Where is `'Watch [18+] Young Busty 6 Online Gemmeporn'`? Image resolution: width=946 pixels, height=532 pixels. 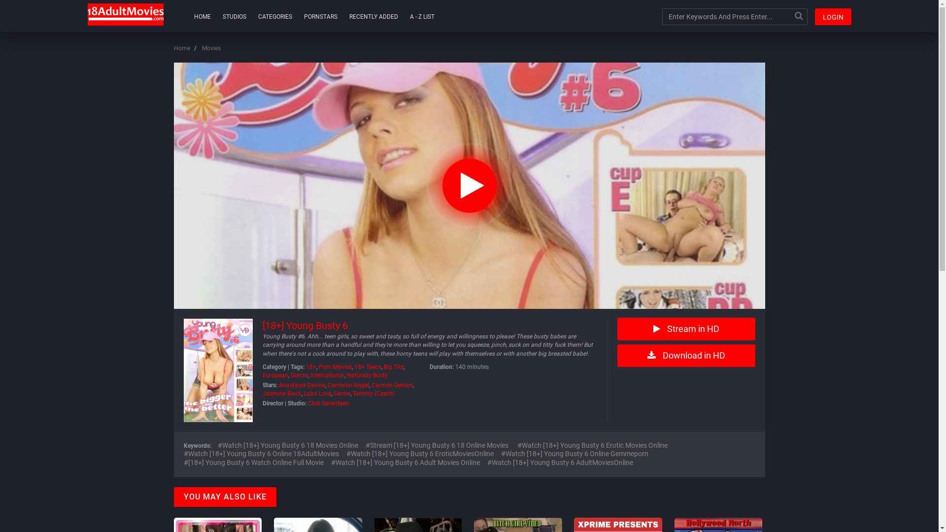
'Watch [18+] Young Busty 6 Online Gemmeporn' is located at coordinates (574, 454).